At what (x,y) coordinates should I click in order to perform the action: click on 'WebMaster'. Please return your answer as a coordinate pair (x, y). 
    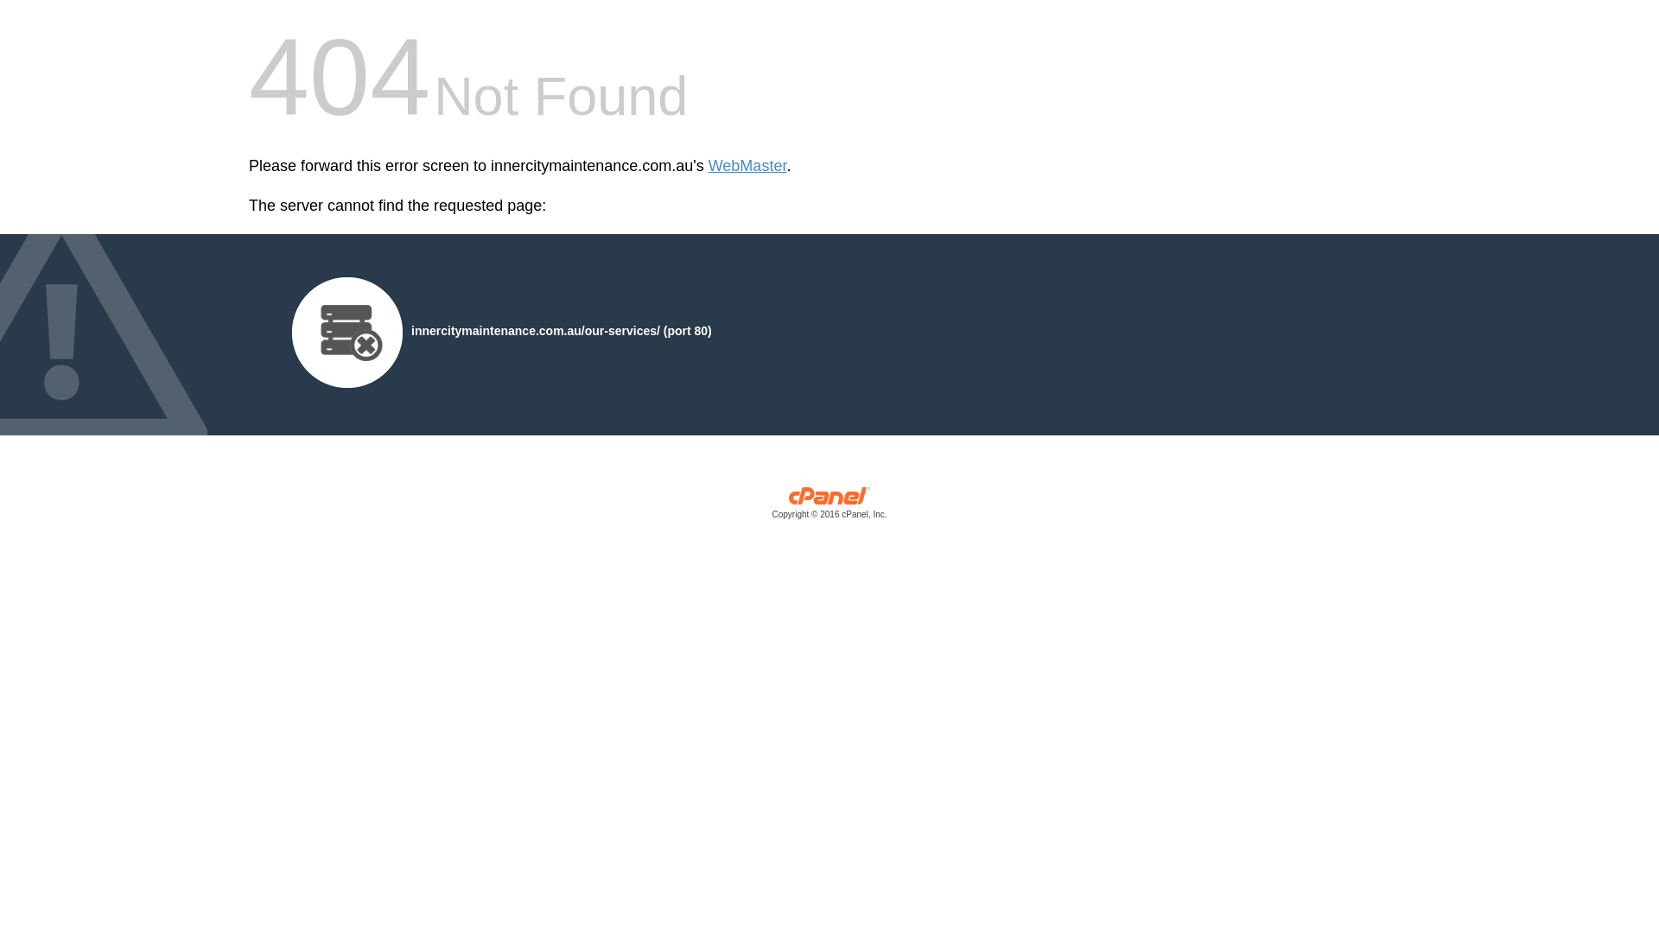
    Looking at the image, I should click on (747, 166).